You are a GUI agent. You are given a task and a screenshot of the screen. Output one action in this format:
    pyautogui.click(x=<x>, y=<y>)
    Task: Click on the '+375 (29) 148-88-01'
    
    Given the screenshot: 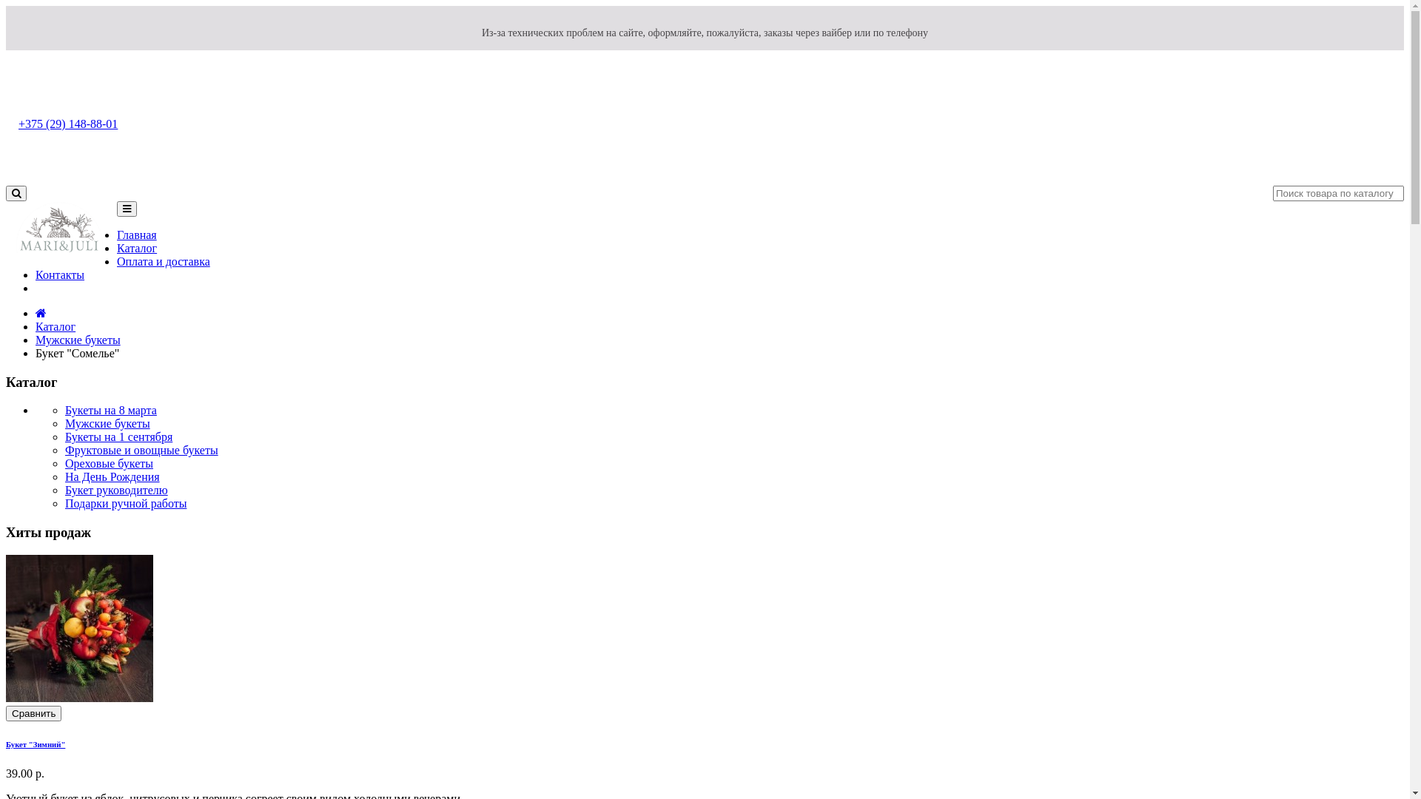 What is the action you would take?
    pyautogui.click(x=67, y=123)
    